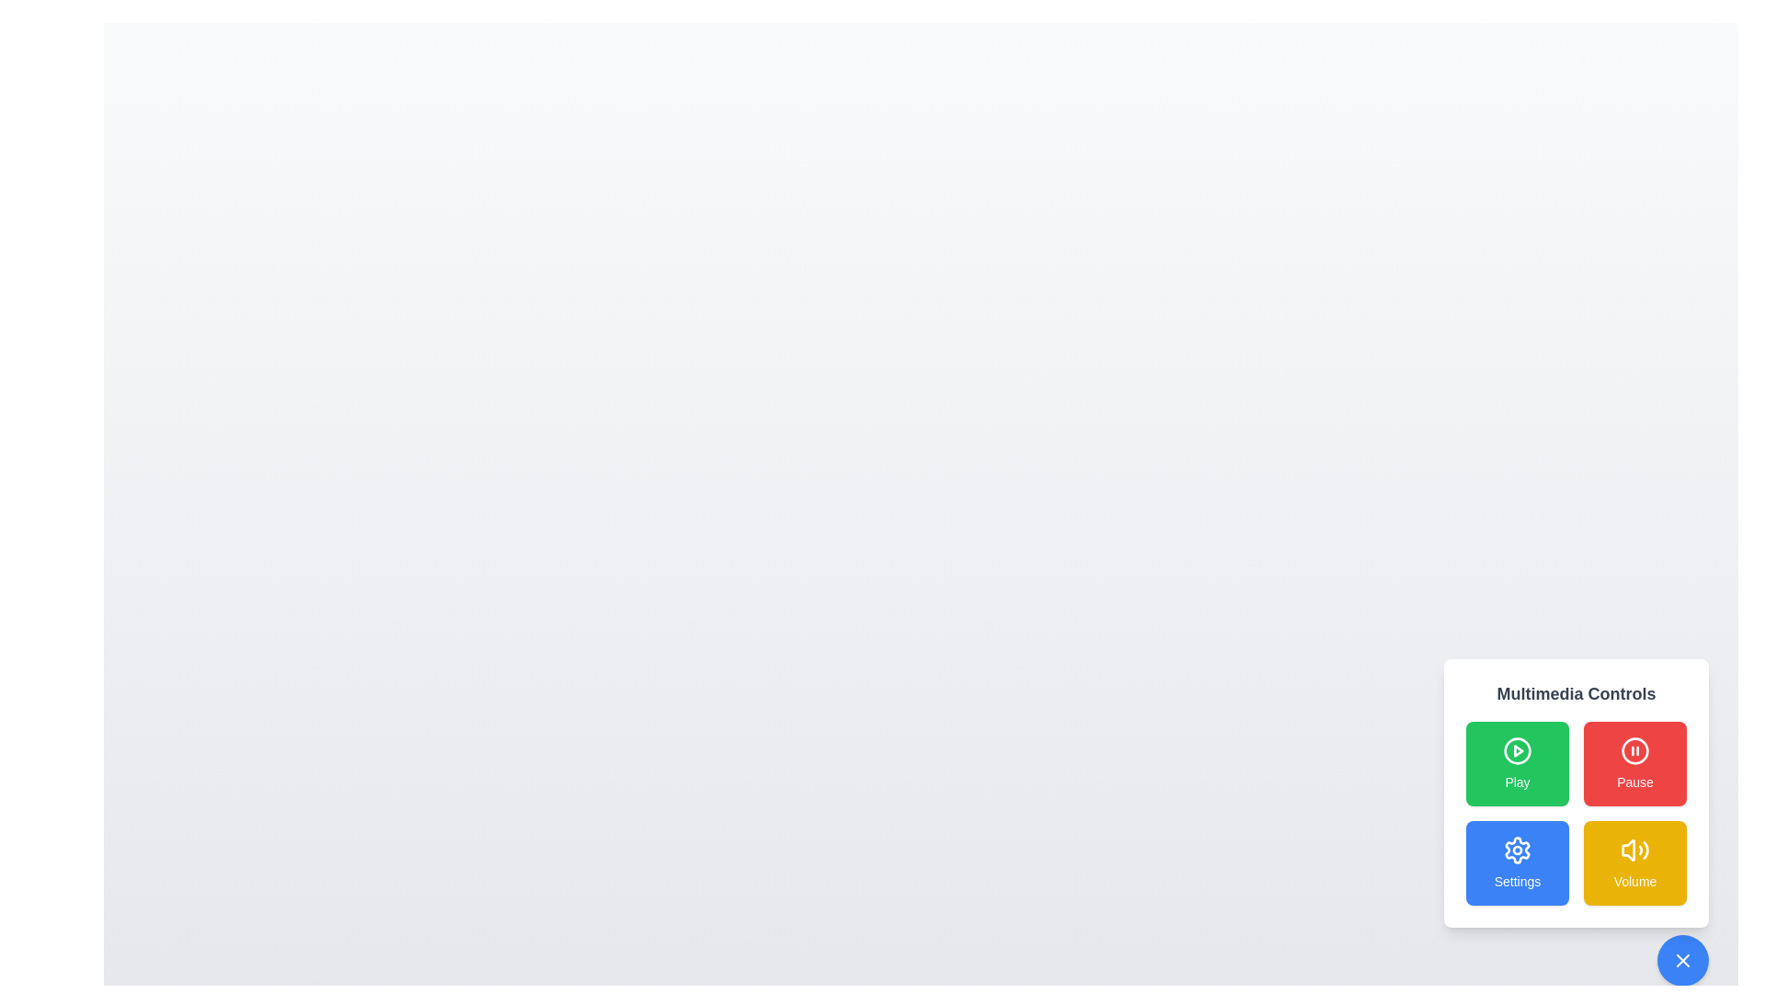 The width and height of the screenshot is (1765, 993). I want to click on the green 'Play' button with white text and a play icon, so click(1518, 763).